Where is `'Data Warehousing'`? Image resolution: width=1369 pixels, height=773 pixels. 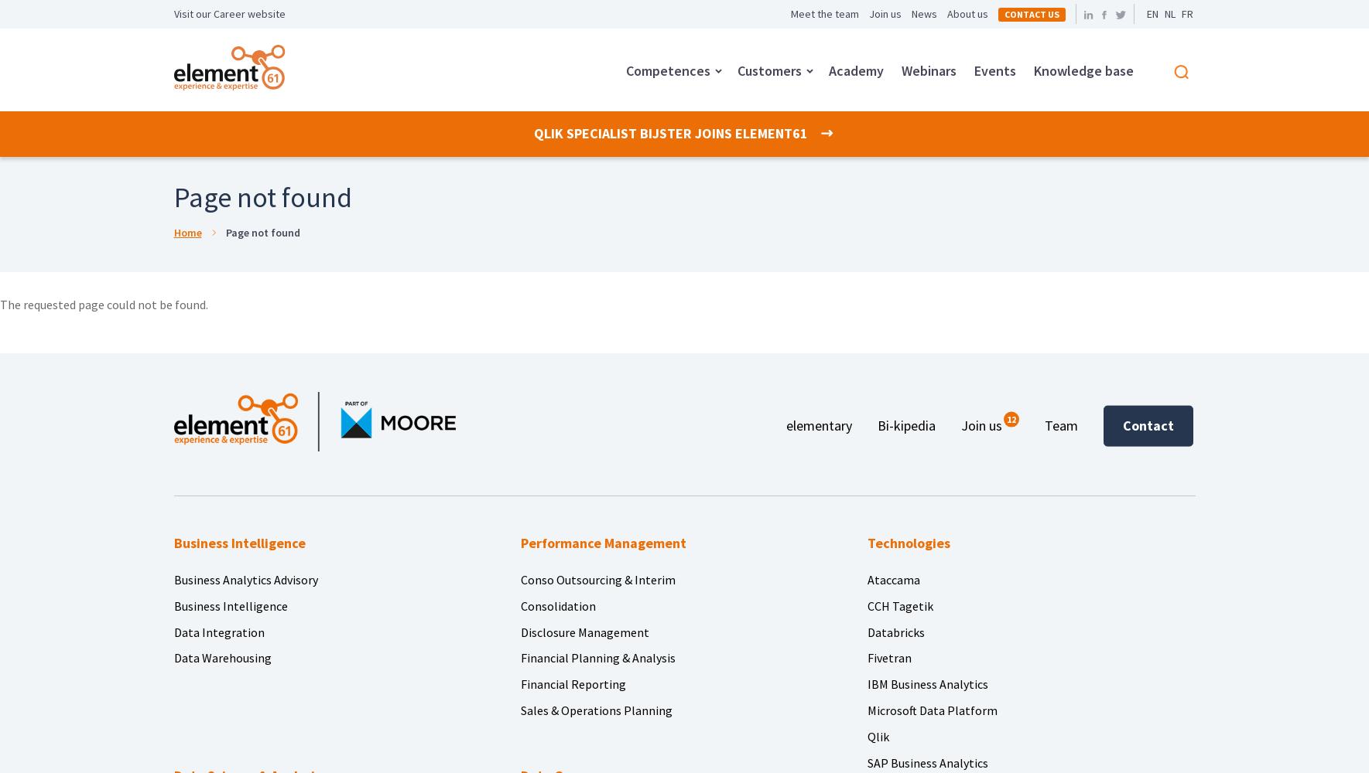
'Data Warehousing' is located at coordinates (221, 657).